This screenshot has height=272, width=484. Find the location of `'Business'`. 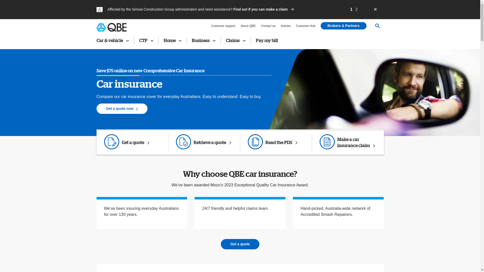

'Business' is located at coordinates (203, 40).